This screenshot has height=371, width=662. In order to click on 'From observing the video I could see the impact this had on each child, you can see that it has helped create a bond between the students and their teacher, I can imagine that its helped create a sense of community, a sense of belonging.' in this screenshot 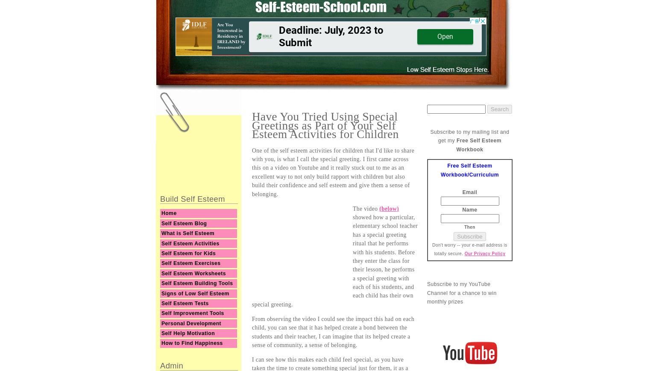, I will do `click(332, 332)`.